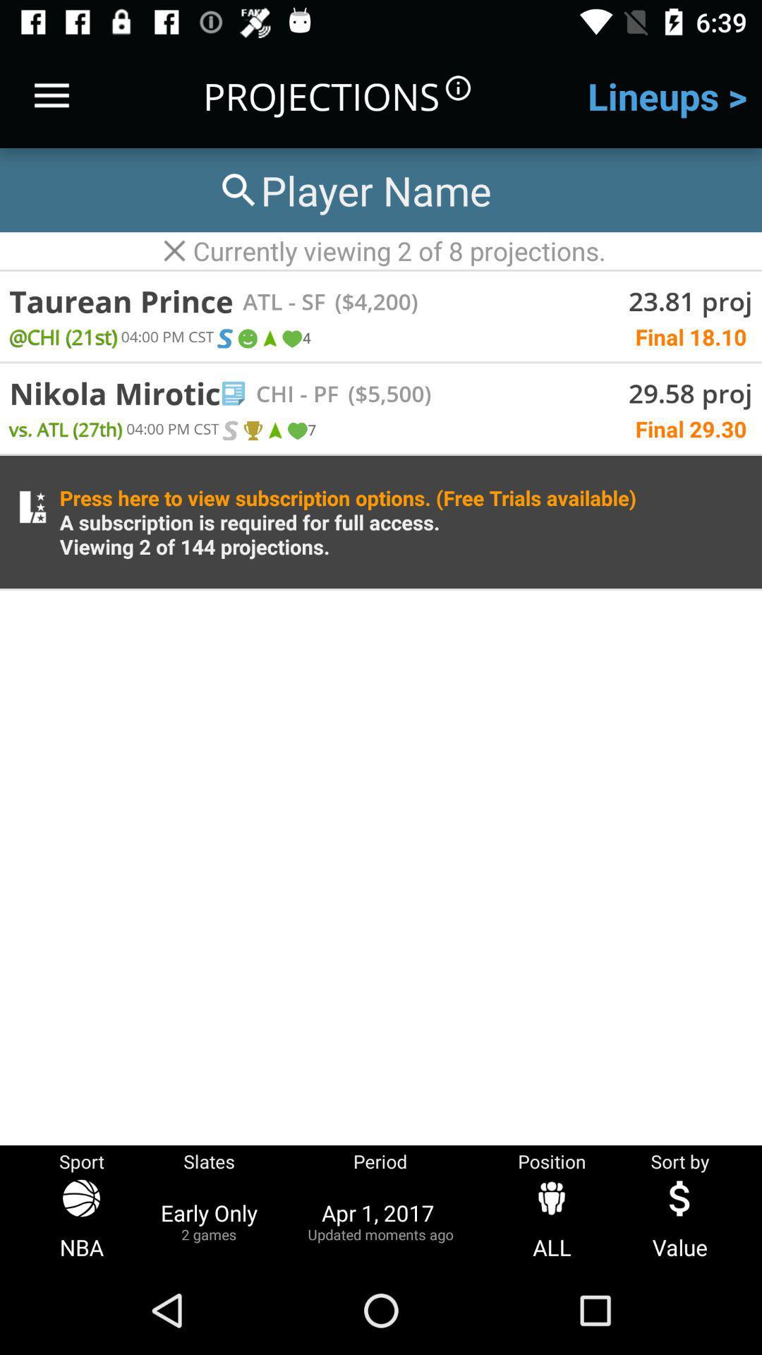  Describe the element at coordinates (246, 339) in the screenshot. I see `emoji in first row` at that location.